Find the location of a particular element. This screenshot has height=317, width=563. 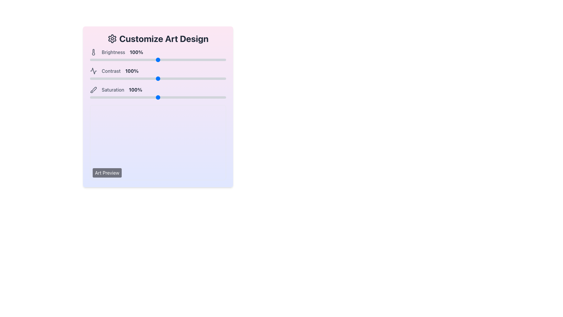

the saturation is located at coordinates (210, 97).